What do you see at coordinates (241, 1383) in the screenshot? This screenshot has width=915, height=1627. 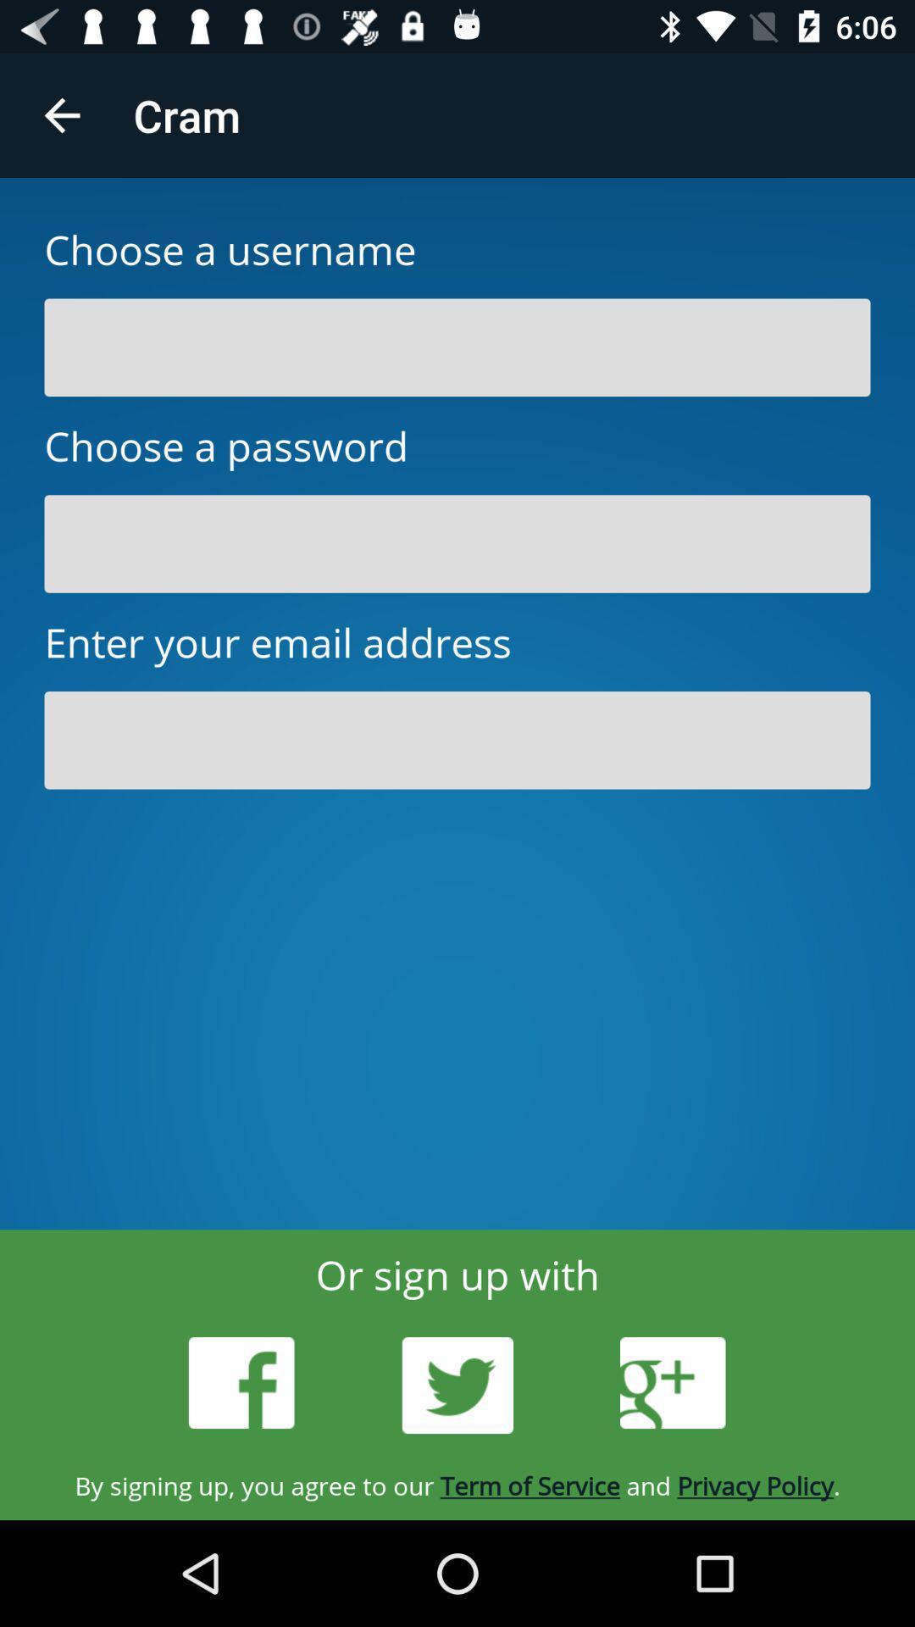 I see `f icon used to connect with facebook directly` at bounding box center [241, 1383].